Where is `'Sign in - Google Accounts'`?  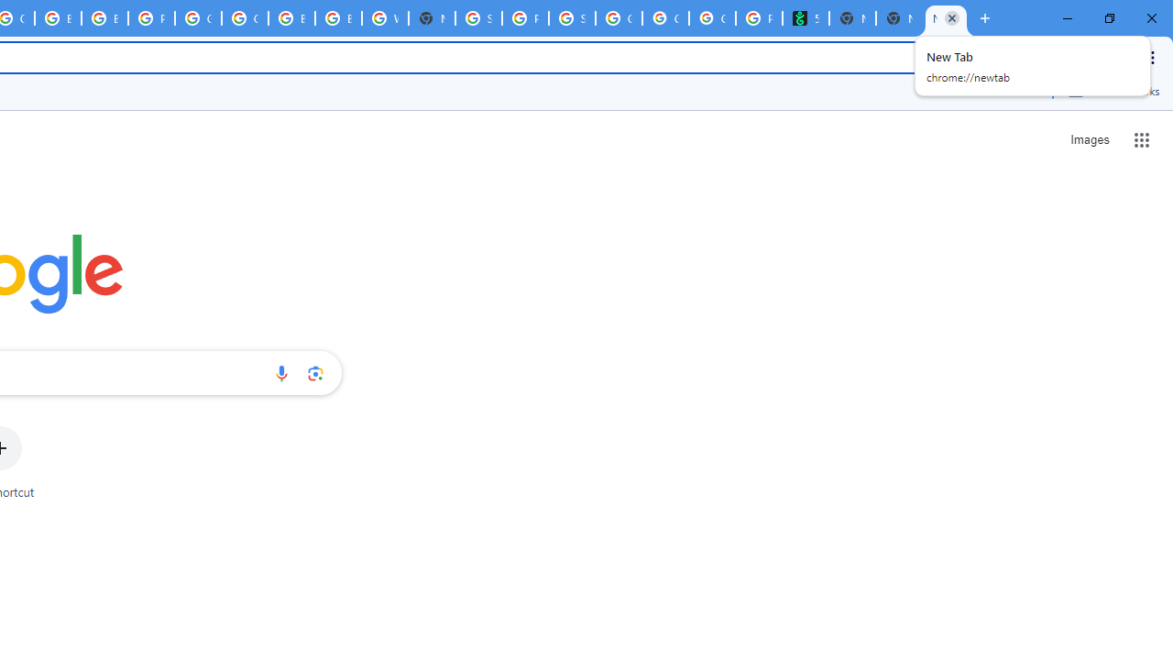
'Sign in - Google Accounts' is located at coordinates (478, 18).